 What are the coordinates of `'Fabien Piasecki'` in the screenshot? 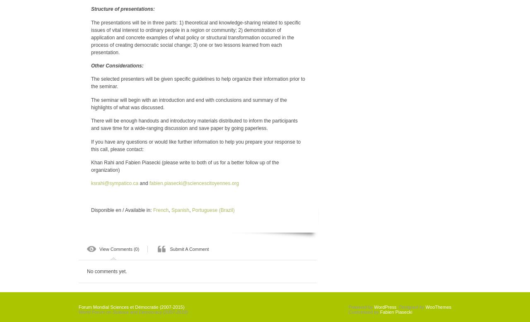 It's located at (379, 311).